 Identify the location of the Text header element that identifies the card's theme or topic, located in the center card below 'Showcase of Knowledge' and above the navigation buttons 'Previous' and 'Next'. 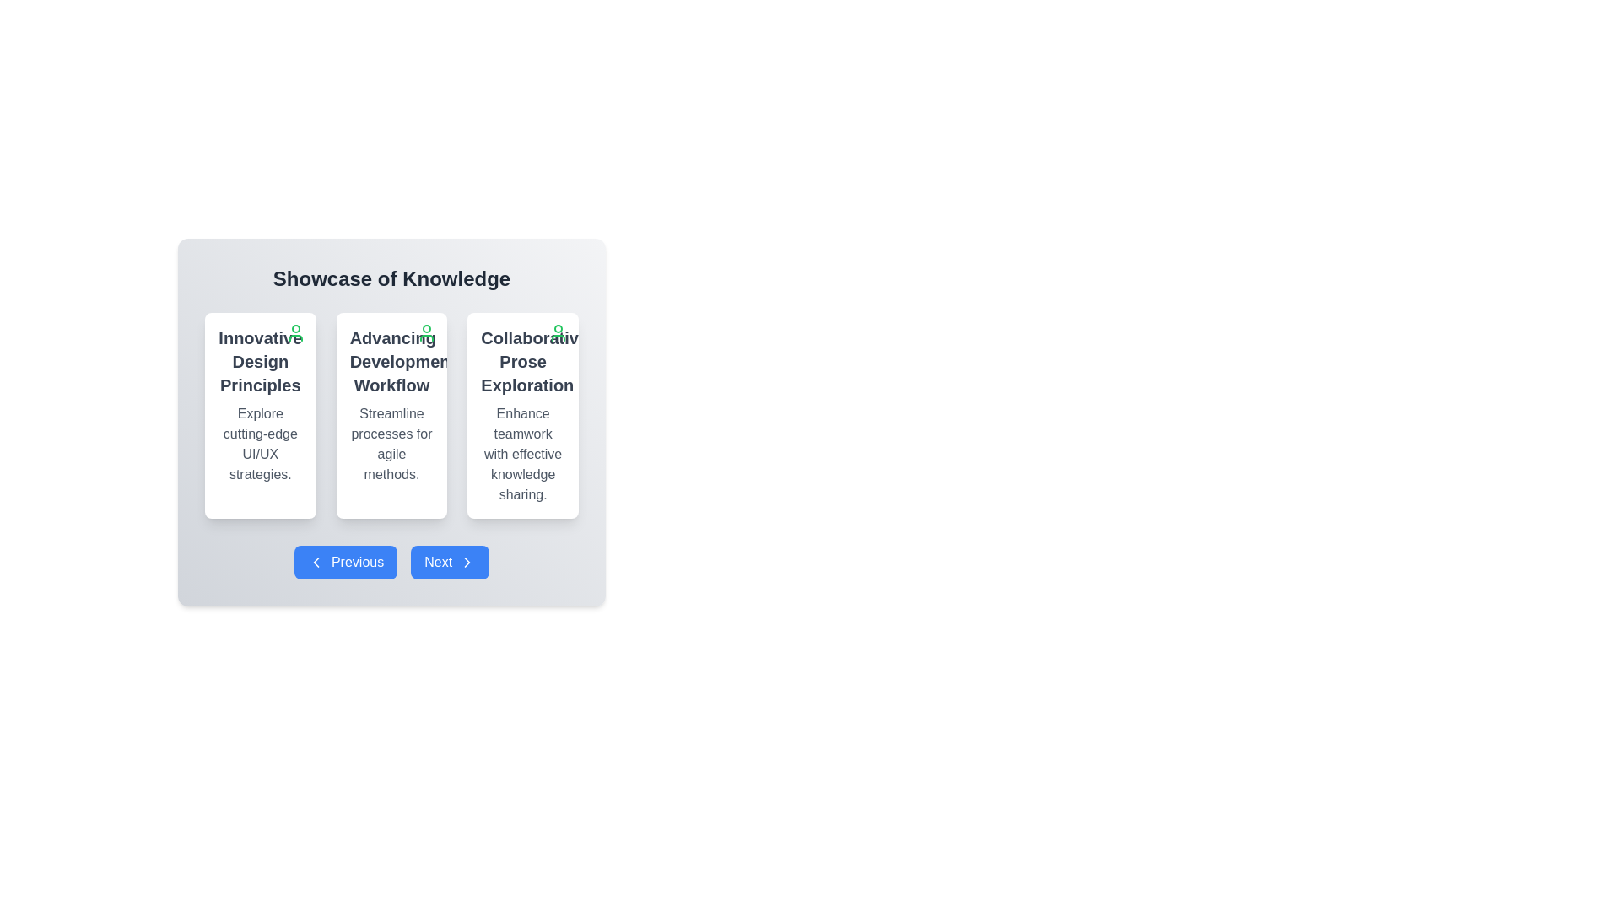
(391, 360).